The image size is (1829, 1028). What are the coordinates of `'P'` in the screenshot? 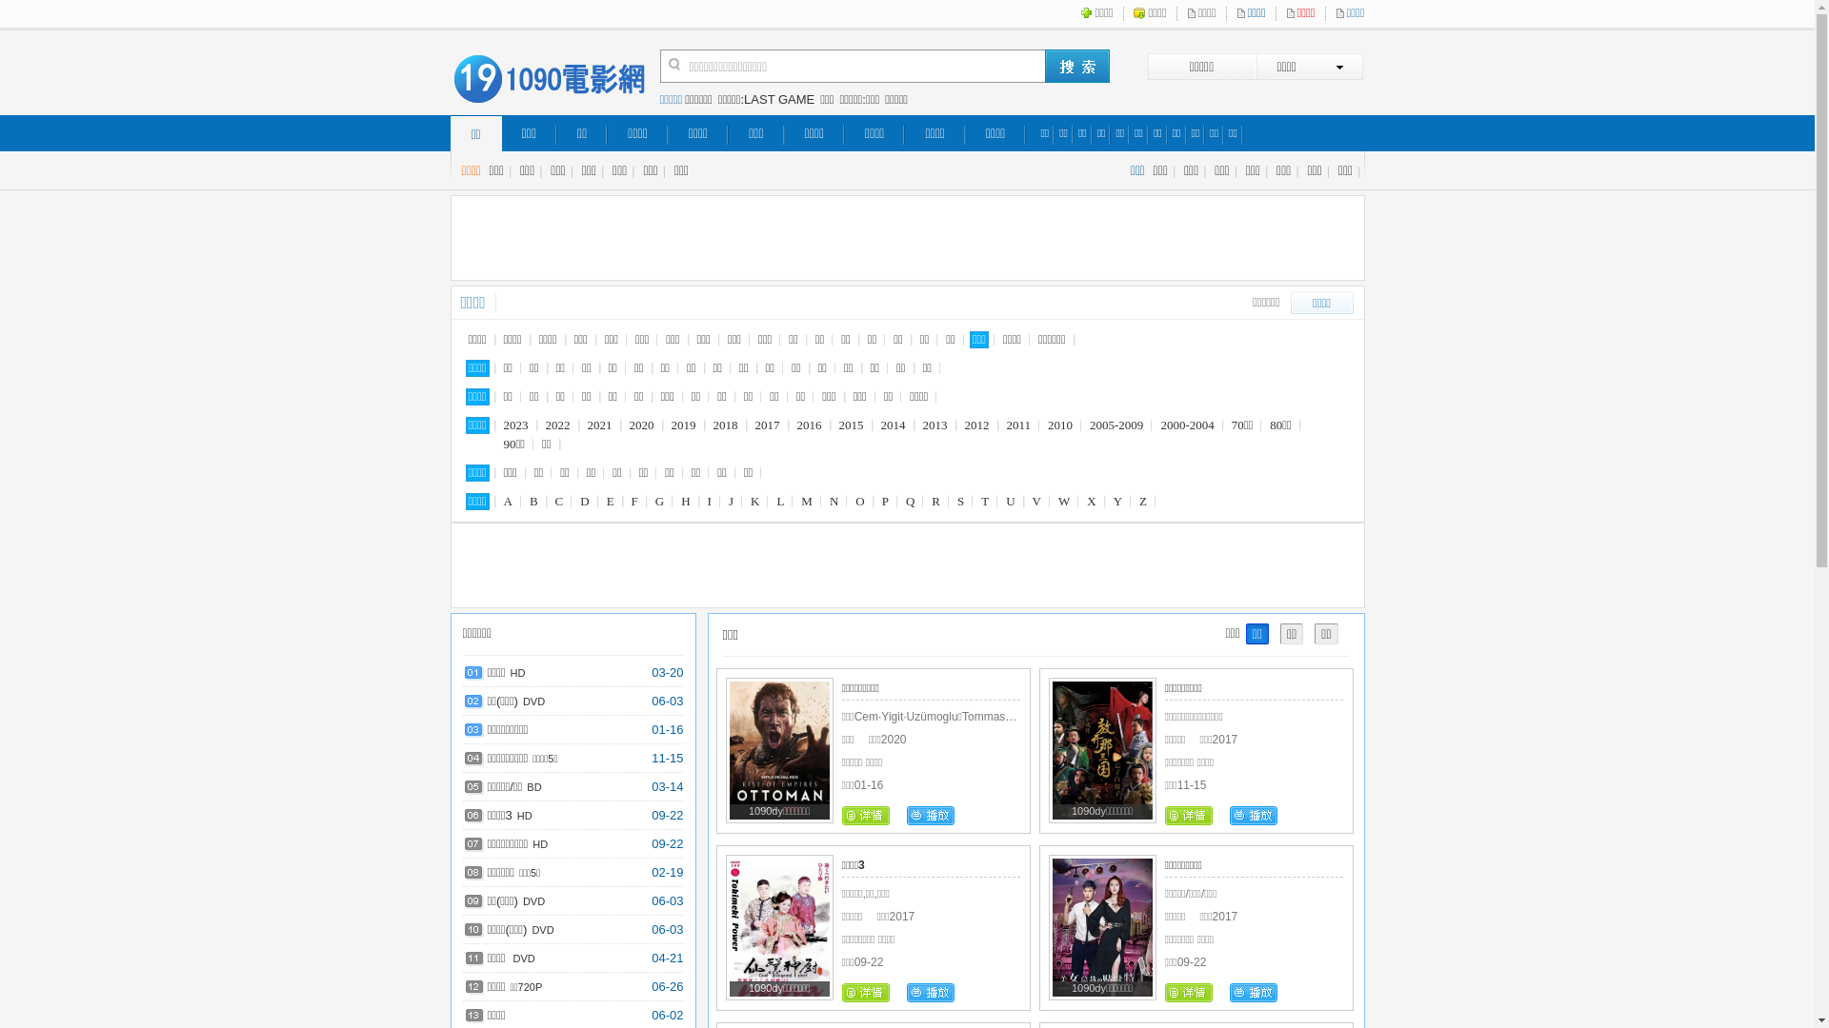 It's located at (884, 501).